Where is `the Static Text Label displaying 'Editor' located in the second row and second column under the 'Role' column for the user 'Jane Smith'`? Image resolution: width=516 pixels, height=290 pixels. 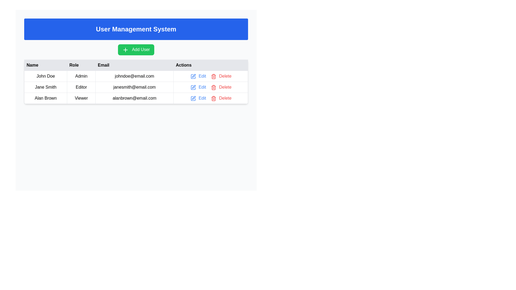 the Static Text Label displaying 'Editor' located in the second row and second column under the 'Role' column for the user 'Jane Smith' is located at coordinates (81, 87).